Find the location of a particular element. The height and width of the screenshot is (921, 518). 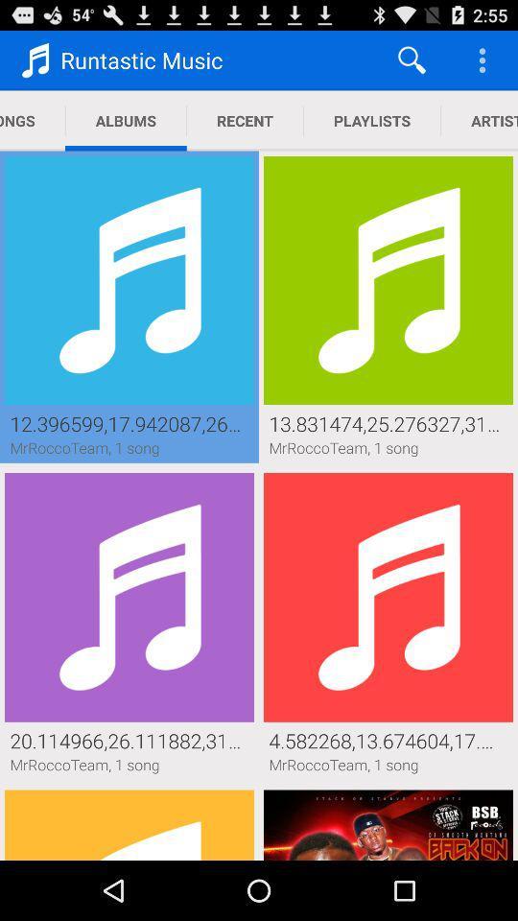

icon to the right of playlists is located at coordinates (478, 120).